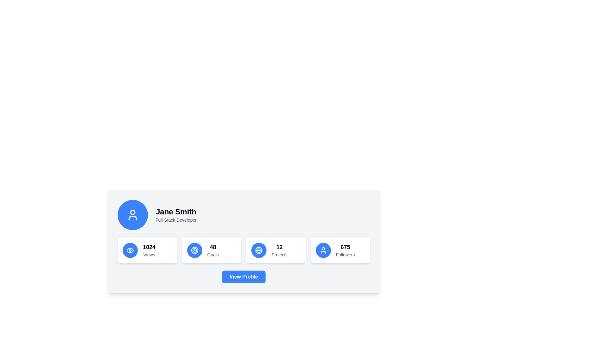  What do you see at coordinates (194, 250) in the screenshot?
I see `the circular target icon with a blue background located above the text '48 Goals'` at bounding box center [194, 250].